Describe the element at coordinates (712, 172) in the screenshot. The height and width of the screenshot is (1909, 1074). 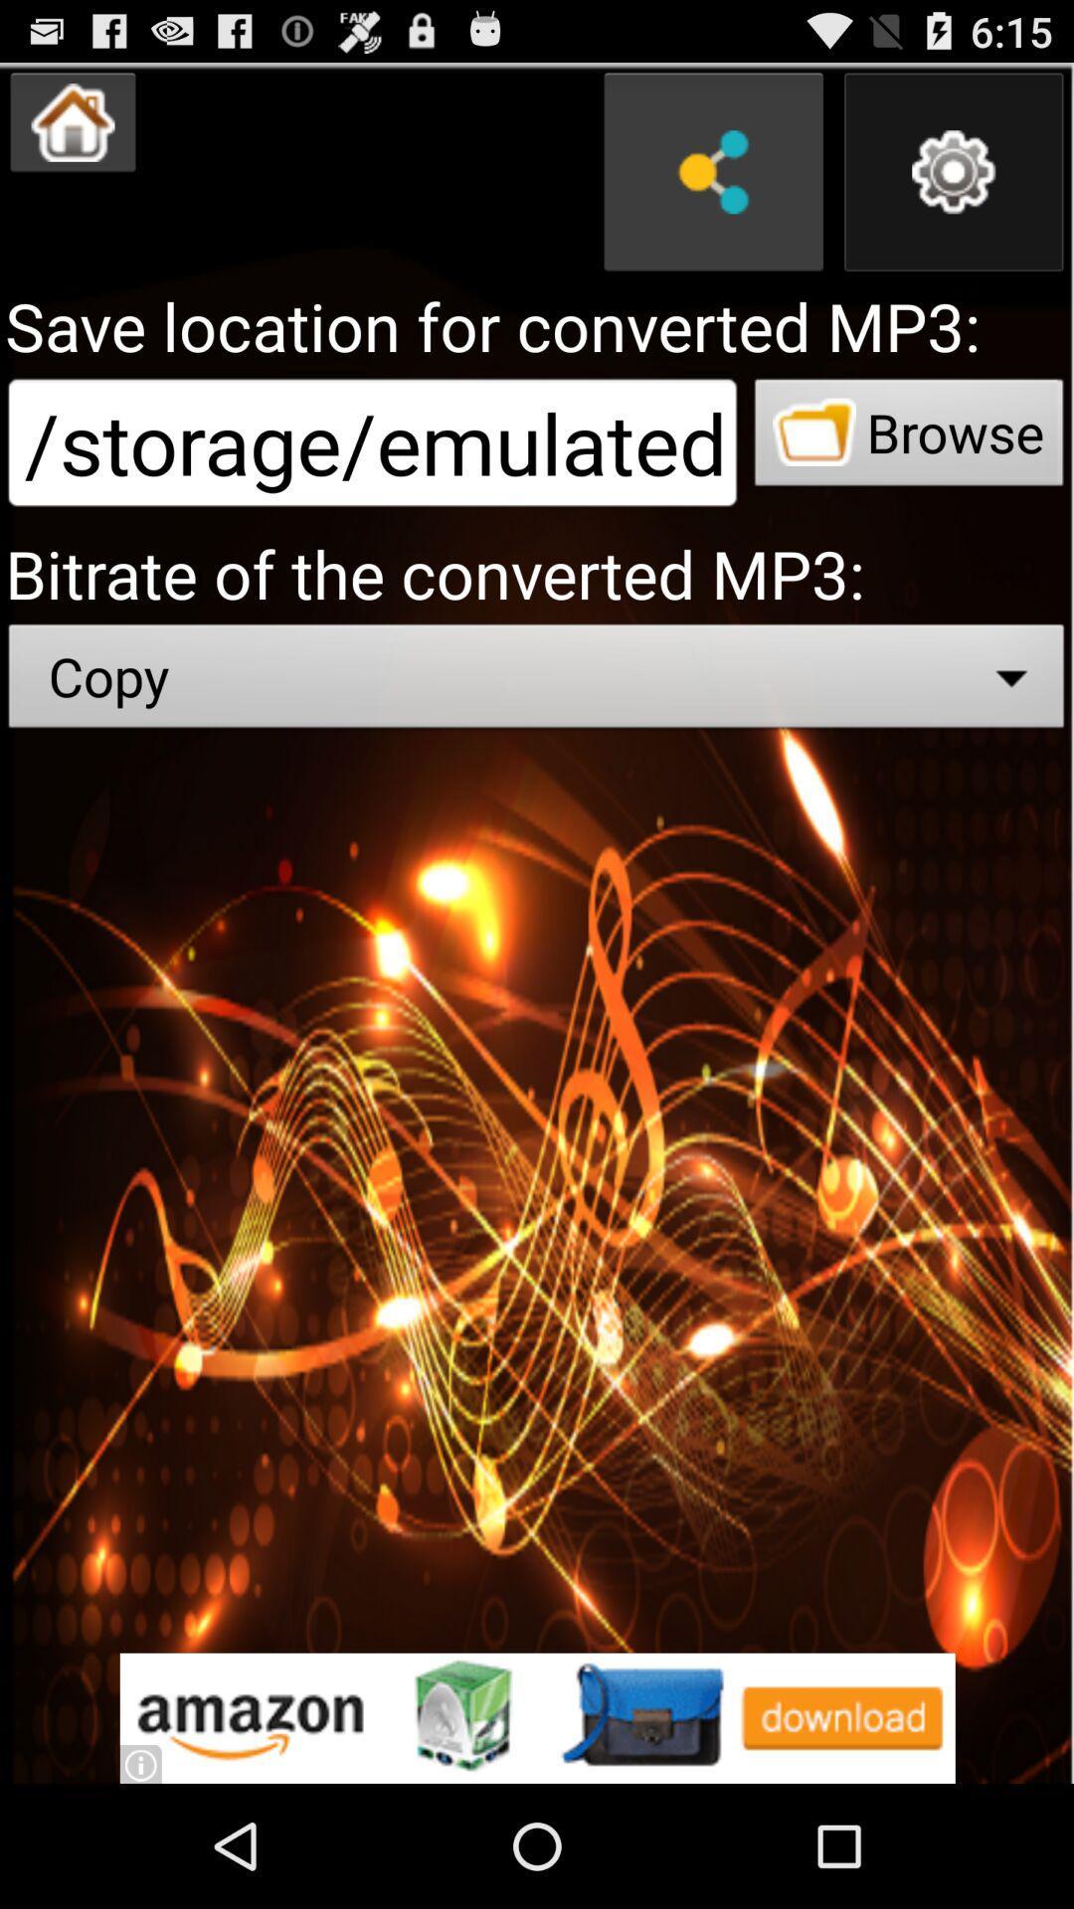
I see `share` at that location.